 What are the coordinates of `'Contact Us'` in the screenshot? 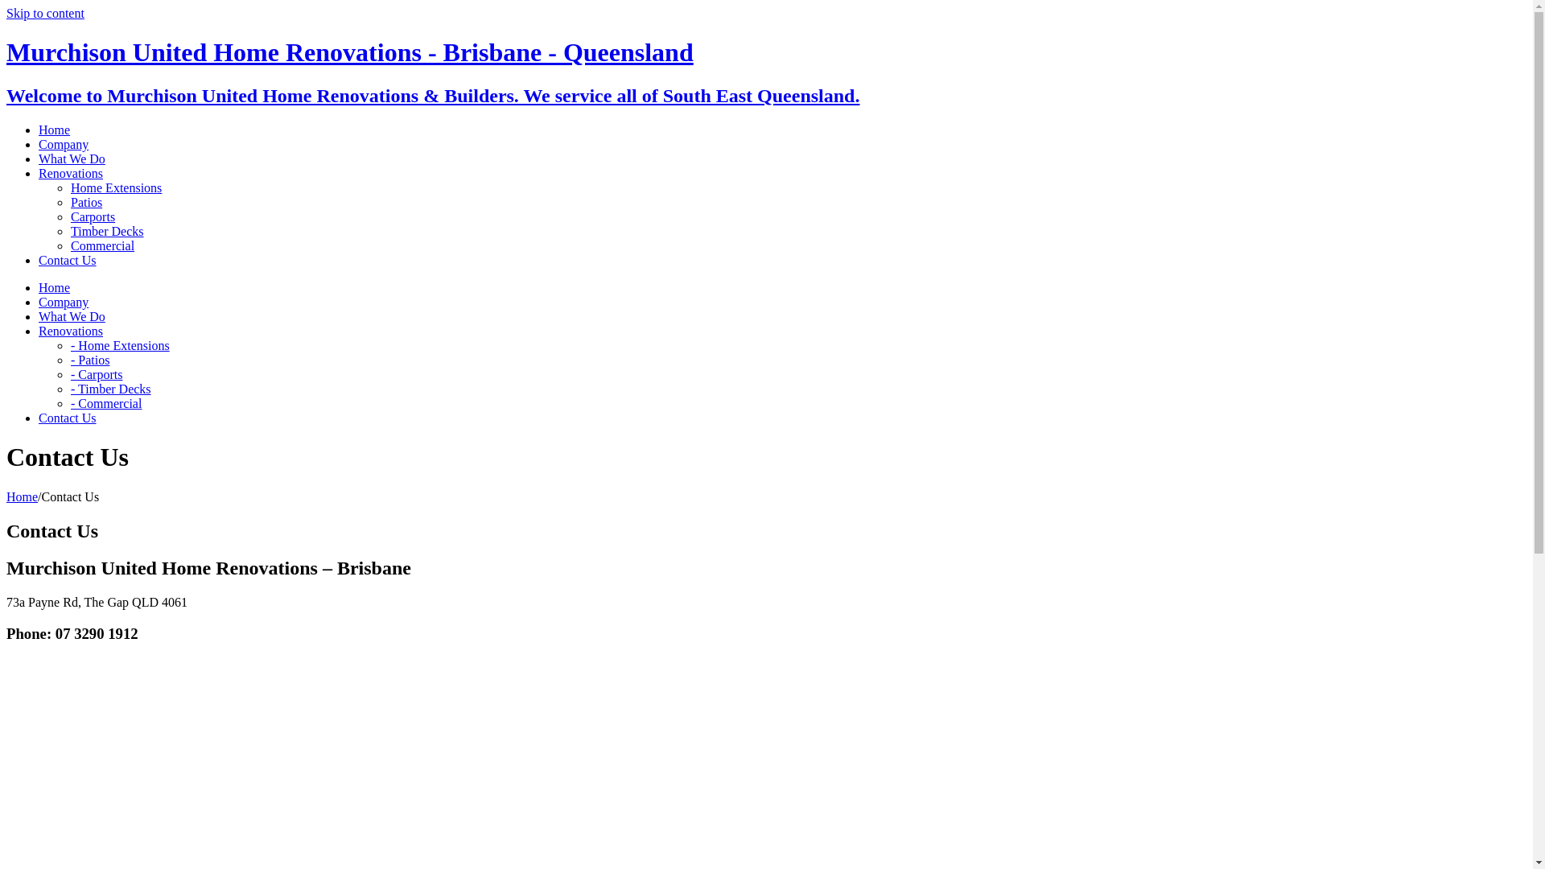 It's located at (66, 417).